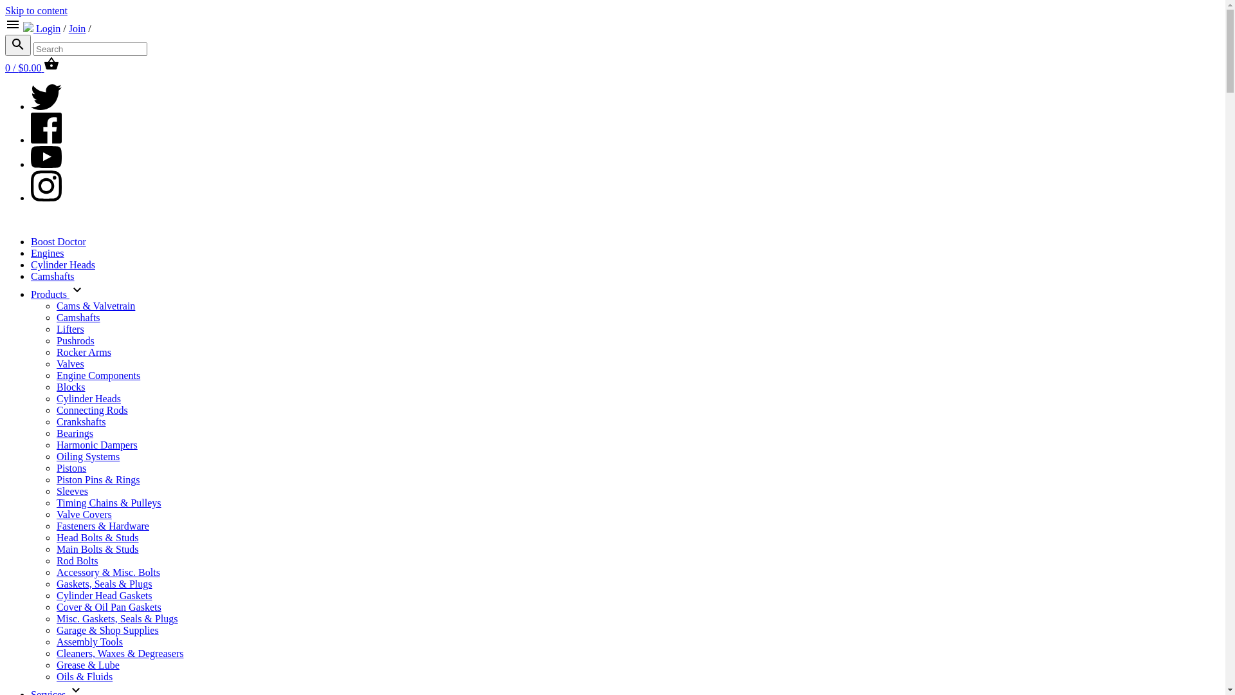  I want to click on 'Join', so click(77, 28).